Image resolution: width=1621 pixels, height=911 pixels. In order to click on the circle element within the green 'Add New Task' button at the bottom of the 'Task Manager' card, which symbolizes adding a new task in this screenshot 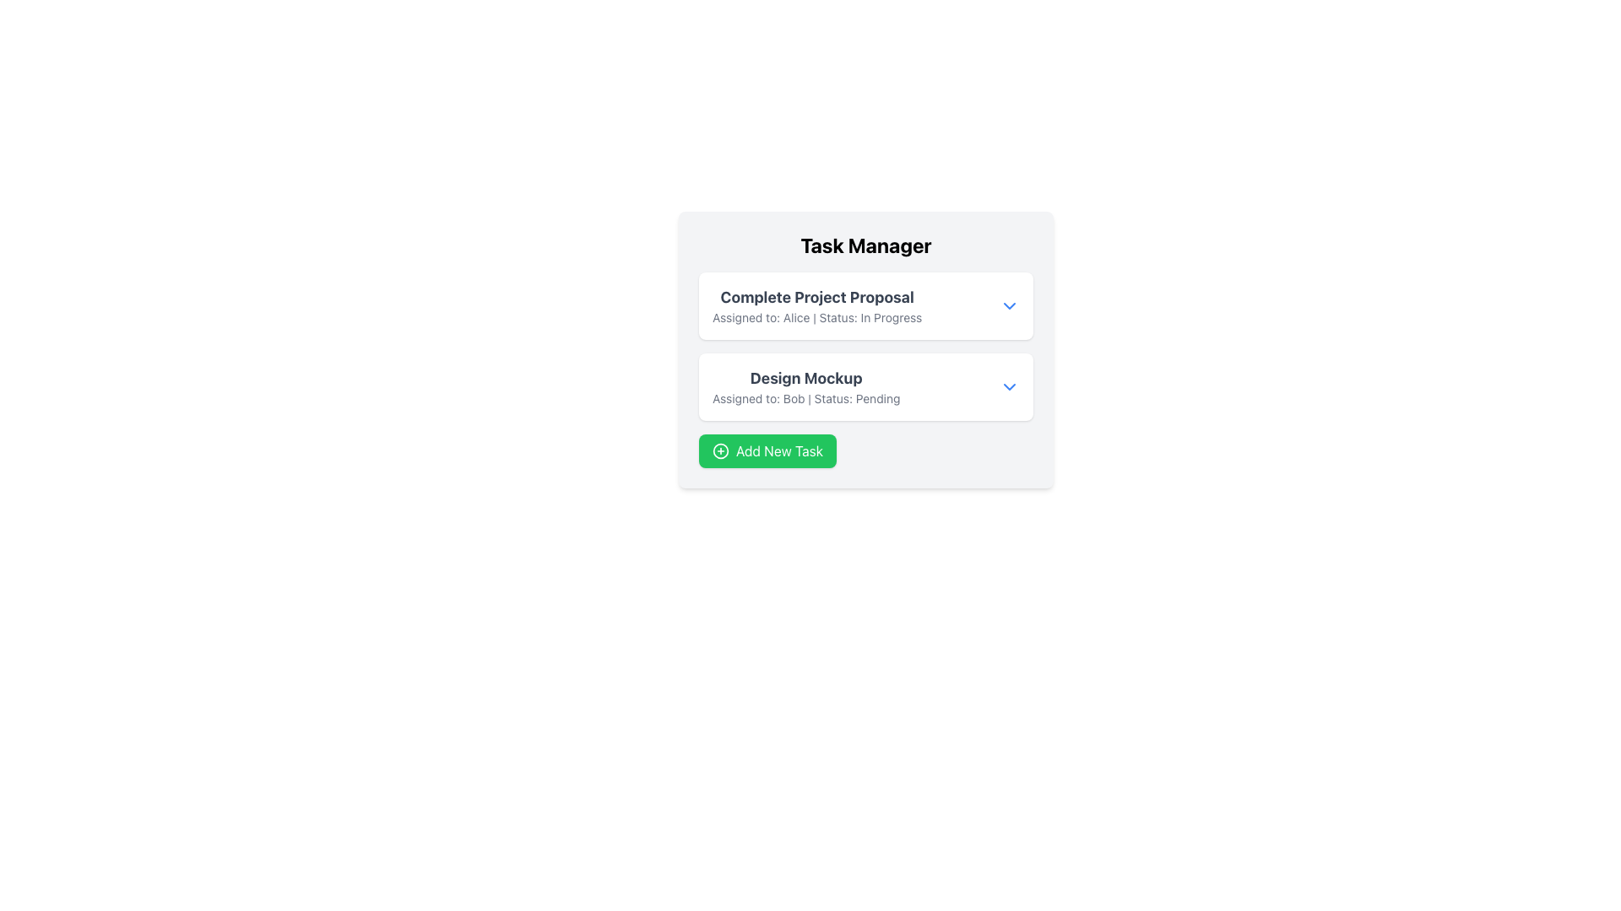, I will do `click(721, 450)`.